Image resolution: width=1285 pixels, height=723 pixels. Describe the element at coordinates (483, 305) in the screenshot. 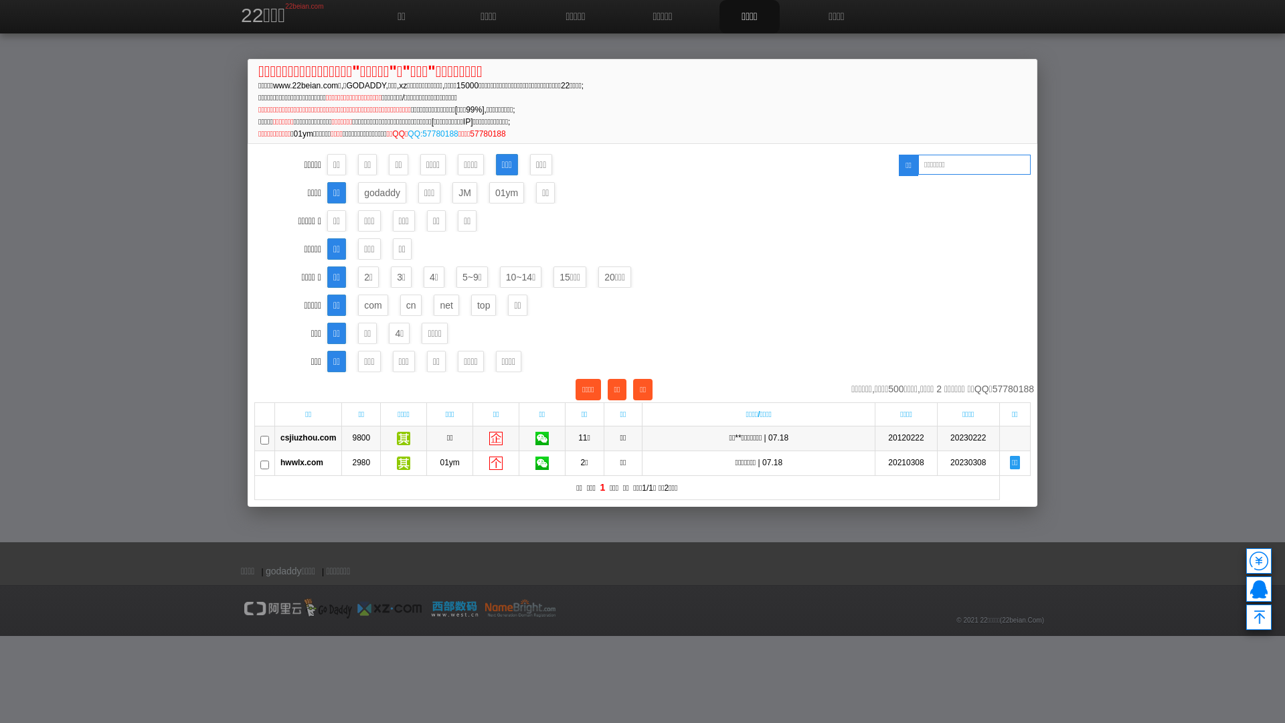

I see `'top'` at that location.